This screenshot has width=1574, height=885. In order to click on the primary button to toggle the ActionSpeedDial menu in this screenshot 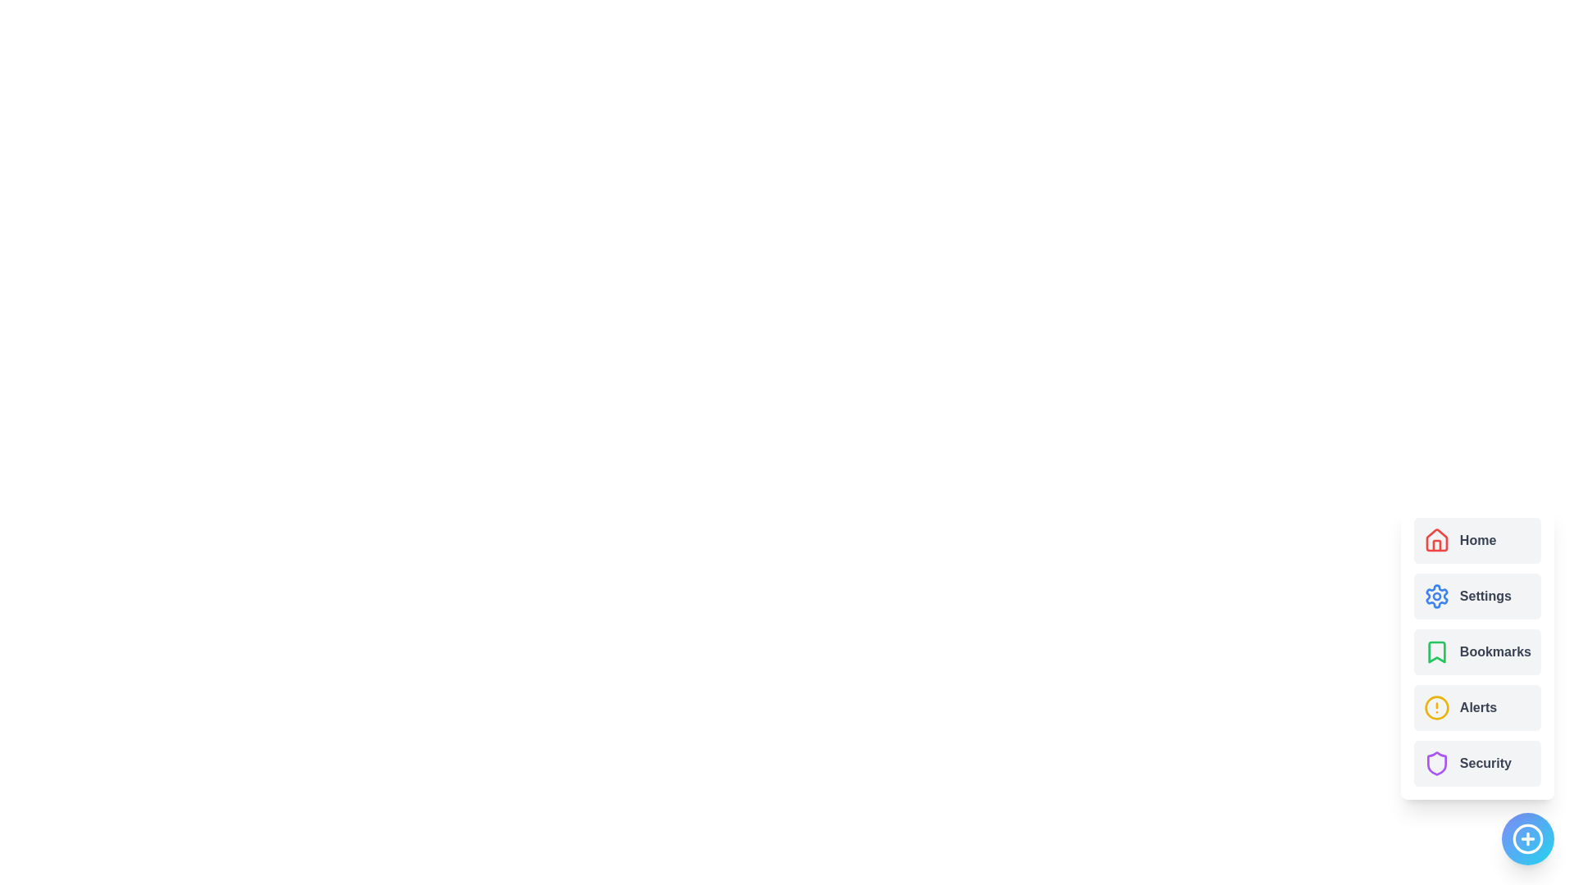, I will do `click(1526, 838)`.